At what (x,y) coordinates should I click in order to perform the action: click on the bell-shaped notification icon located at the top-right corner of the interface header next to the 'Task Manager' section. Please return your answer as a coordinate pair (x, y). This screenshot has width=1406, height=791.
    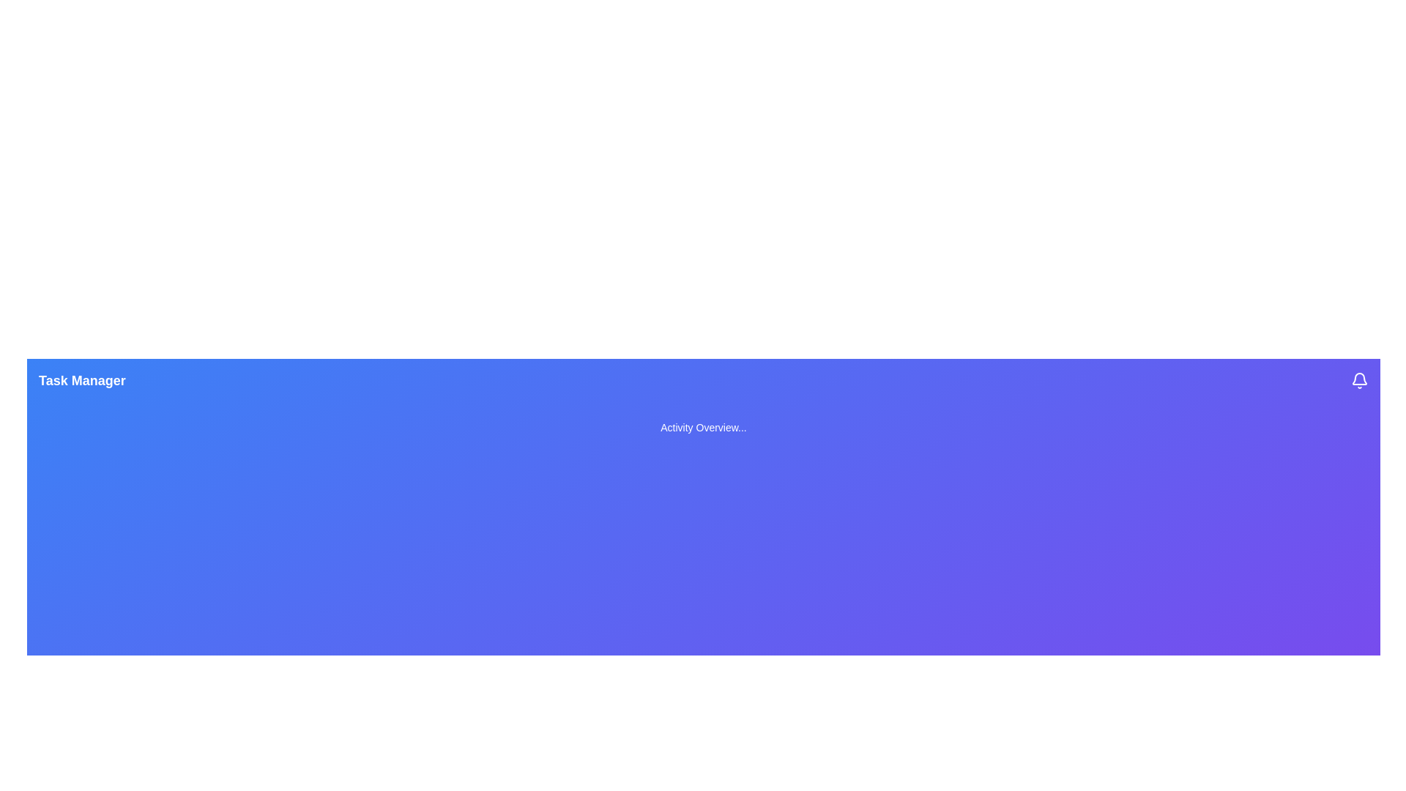
    Looking at the image, I should click on (1359, 380).